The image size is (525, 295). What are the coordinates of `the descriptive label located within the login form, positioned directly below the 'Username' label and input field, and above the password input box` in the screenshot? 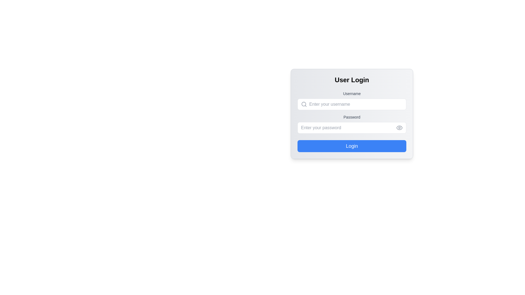 It's located at (352, 117).